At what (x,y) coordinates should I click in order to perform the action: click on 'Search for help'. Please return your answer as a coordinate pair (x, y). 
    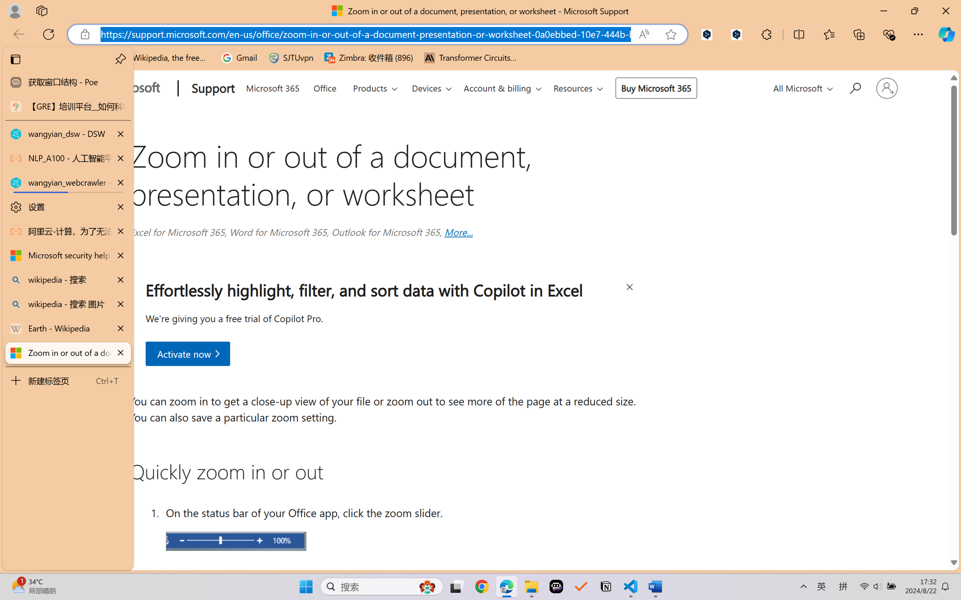
    Looking at the image, I should click on (854, 87).